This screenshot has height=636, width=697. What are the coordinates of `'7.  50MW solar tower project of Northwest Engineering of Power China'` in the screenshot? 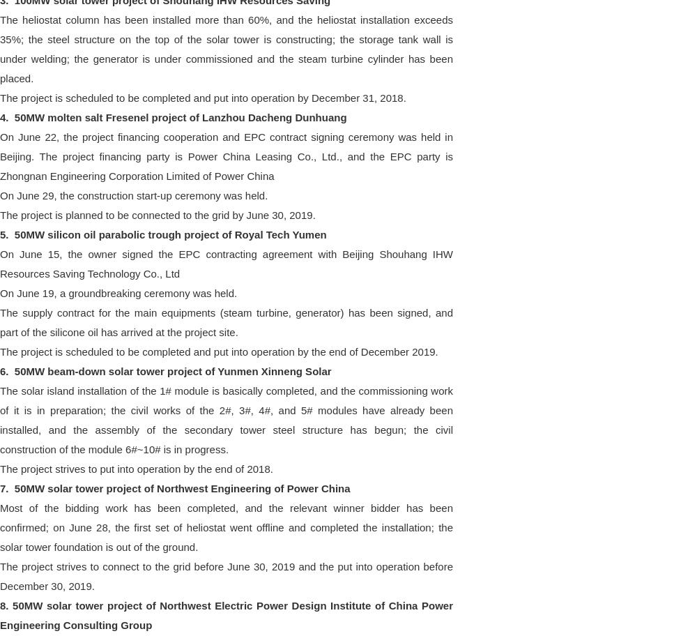 It's located at (175, 487).